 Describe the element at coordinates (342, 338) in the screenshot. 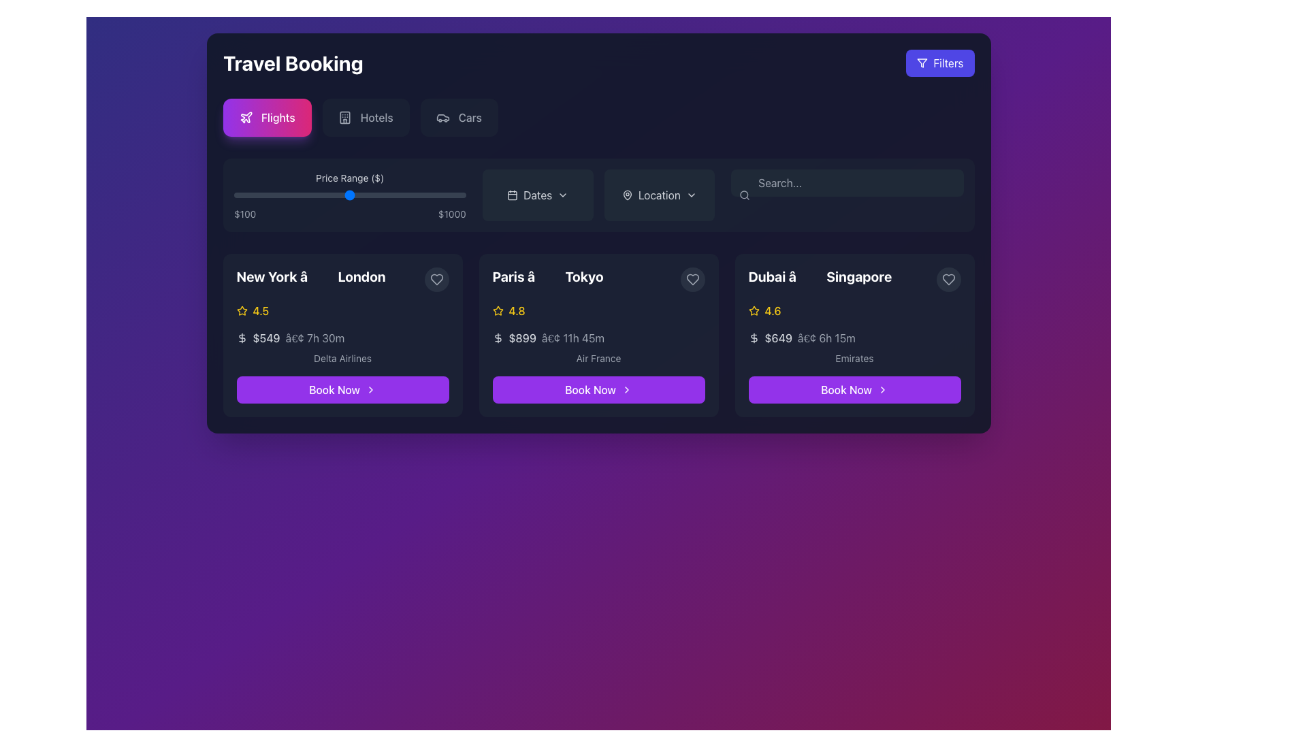

I see `the text displaying the cost and duration of a flight option, which is centered horizontally in the first card and positioned below the title and rating, but above the airline name text` at that location.